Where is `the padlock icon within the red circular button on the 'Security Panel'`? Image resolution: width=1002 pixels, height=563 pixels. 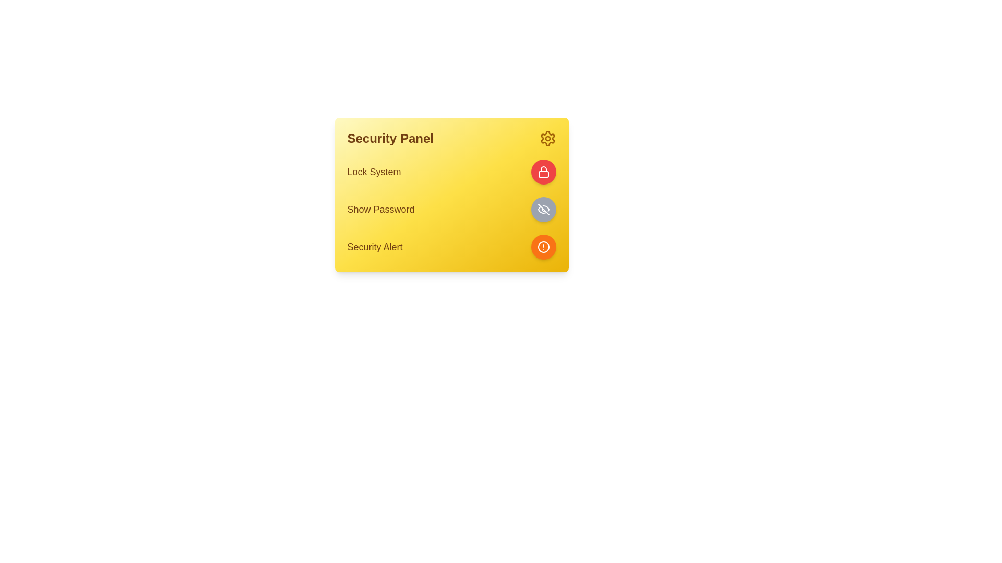 the padlock icon within the red circular button on the 'Security Panel' is located at coordinates (543, 172).